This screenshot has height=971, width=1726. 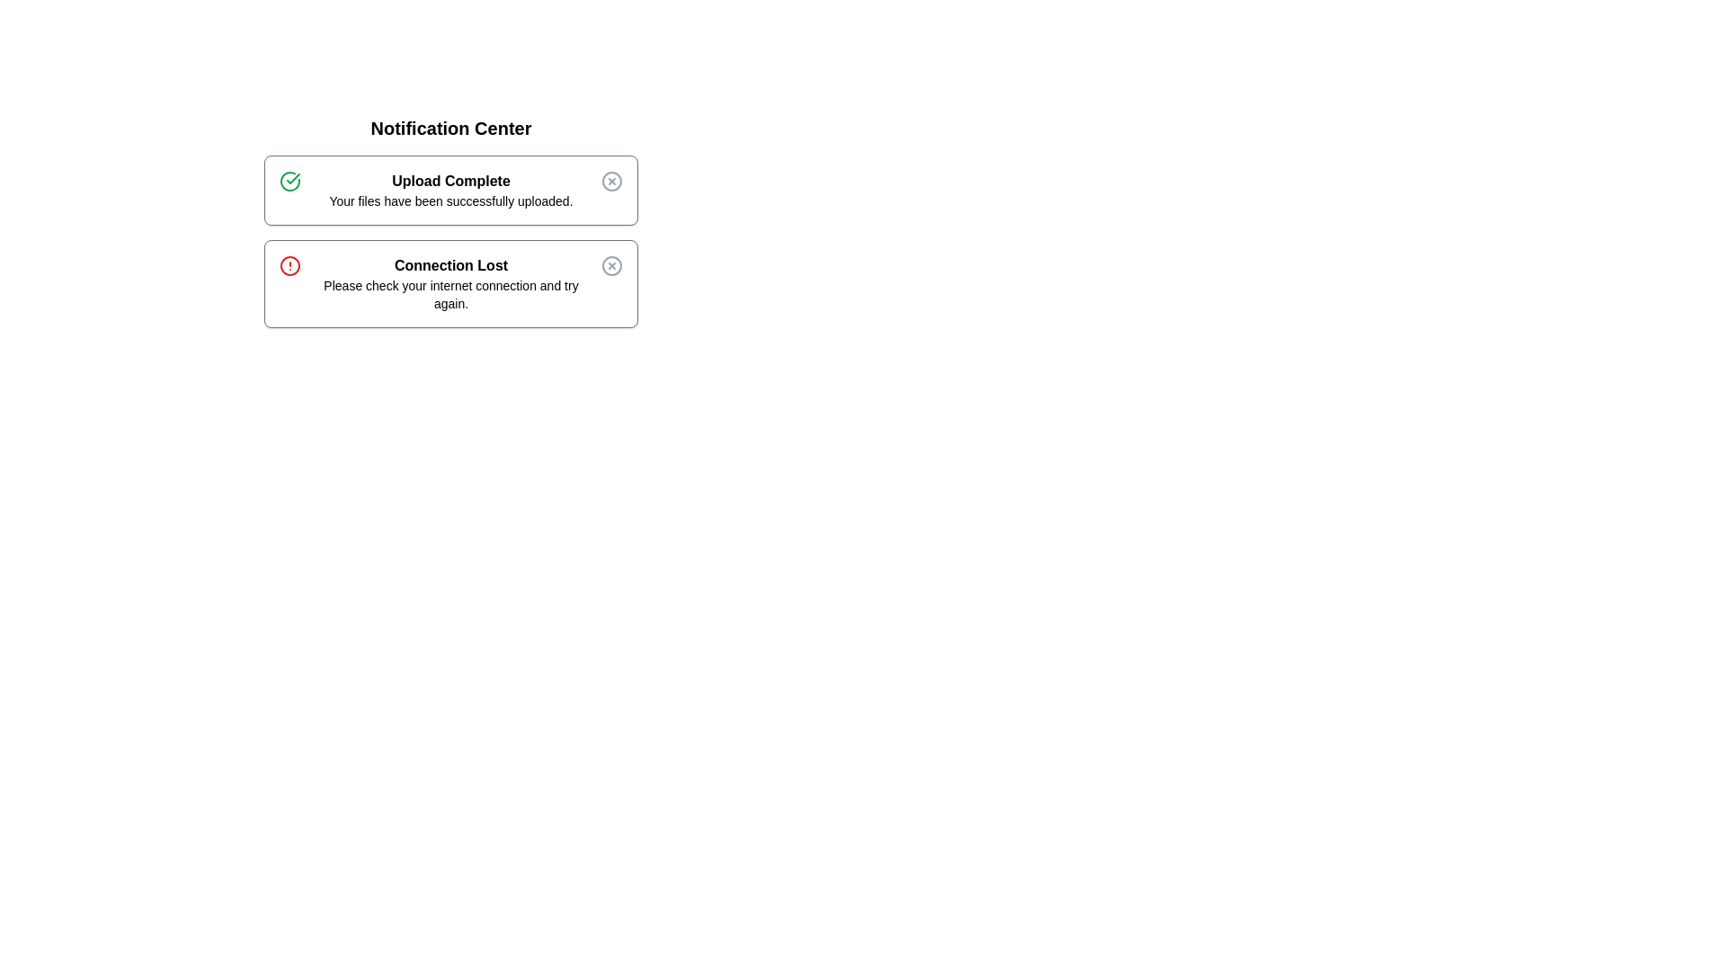 What do you see at coordinates (451, 283) in the screenshot?
I see `the text of the alert titled 'Connection Lost'` at bounding box center [451, 283].